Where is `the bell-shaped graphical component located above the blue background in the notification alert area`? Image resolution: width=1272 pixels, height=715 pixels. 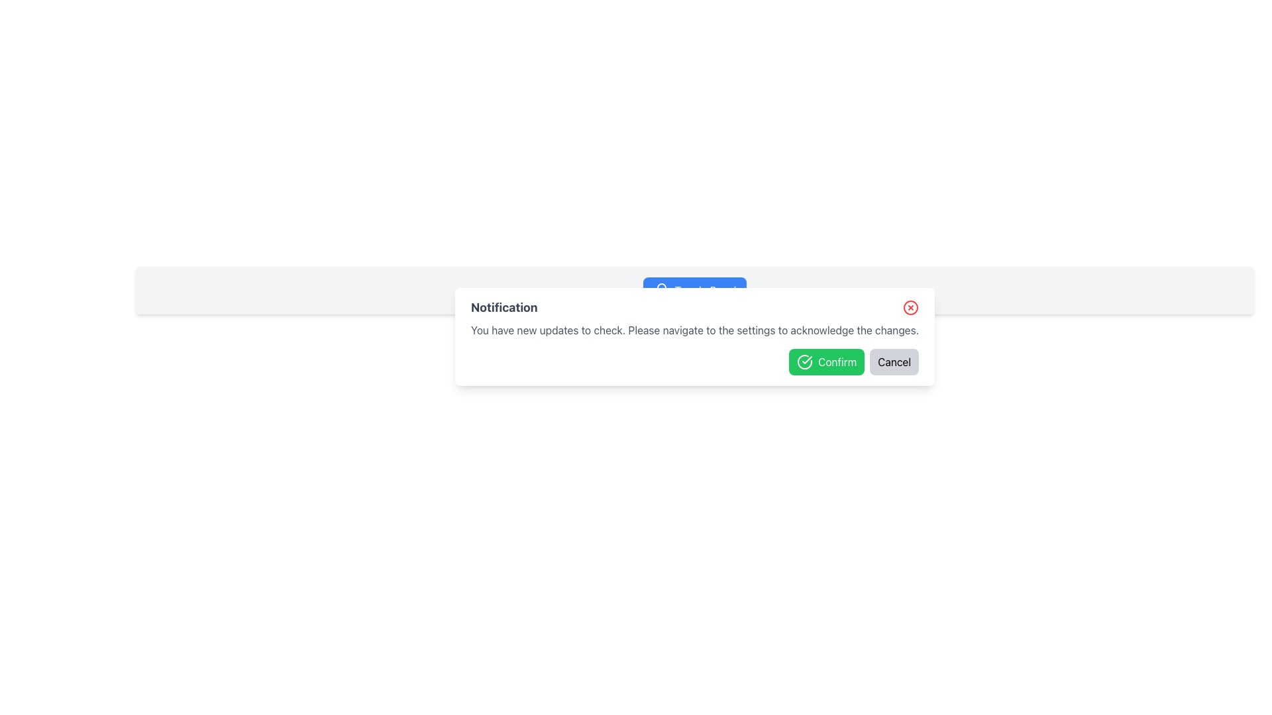 the bell-shaped graphical component located above the blue background in the notification alert area is located at coordinates (661, 288).